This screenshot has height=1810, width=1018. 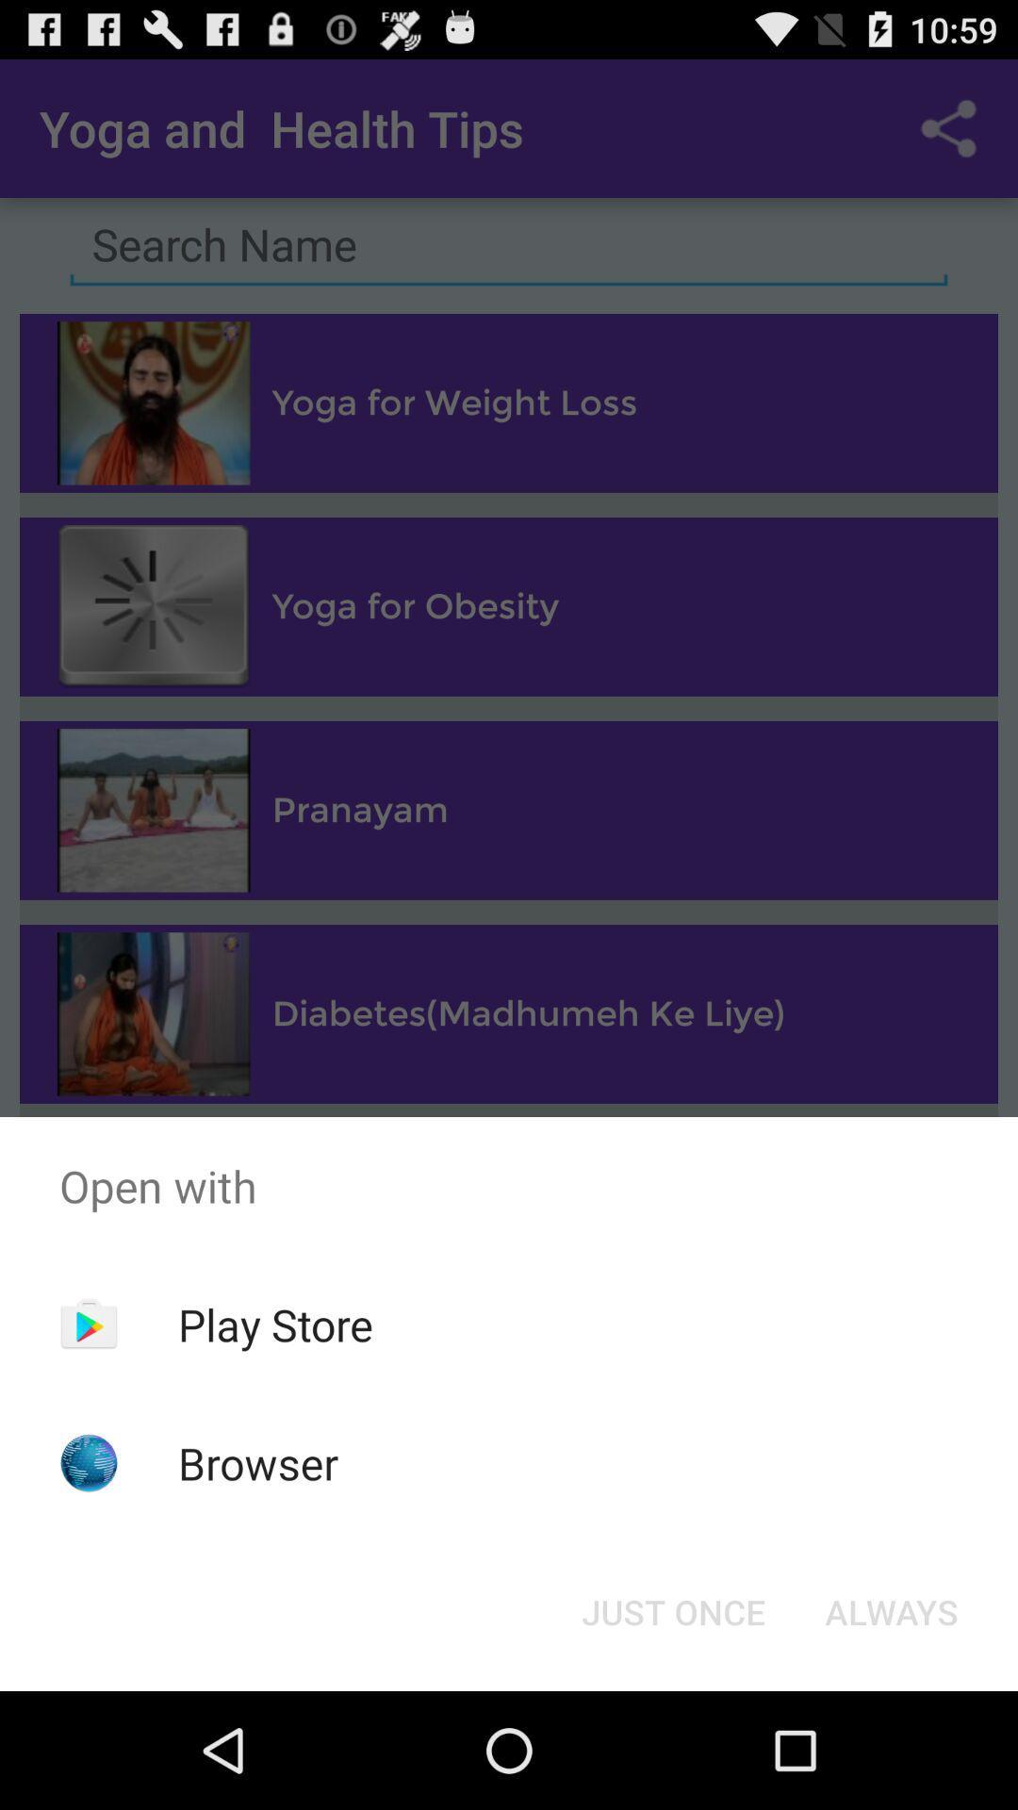 I want to click on button to the right of just once icon, so click(x=891, y=1610).